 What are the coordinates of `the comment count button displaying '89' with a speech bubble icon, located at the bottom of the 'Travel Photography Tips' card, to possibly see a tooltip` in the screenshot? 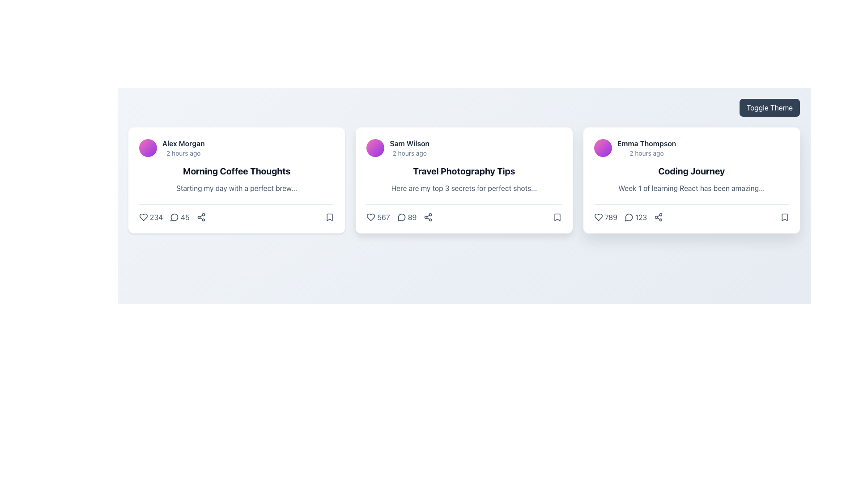 It's located at (399, 217).